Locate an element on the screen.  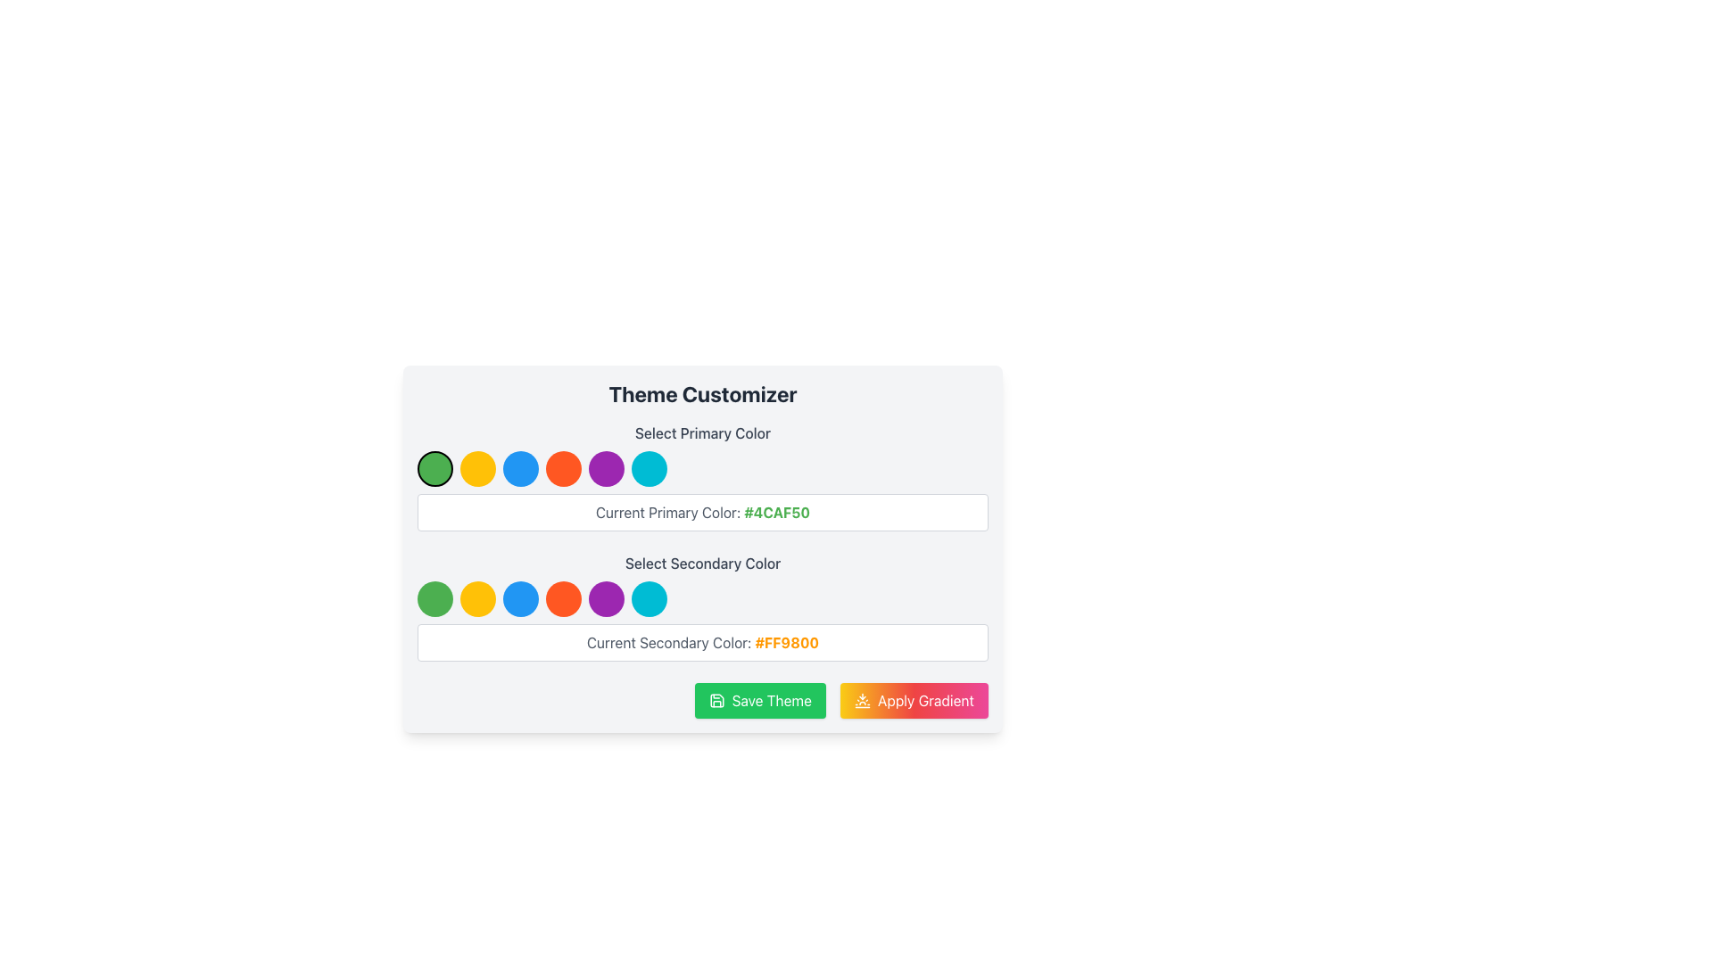
the fifth circular button in the 'Select Secondary Color' section is located at coordinates (607, 598).